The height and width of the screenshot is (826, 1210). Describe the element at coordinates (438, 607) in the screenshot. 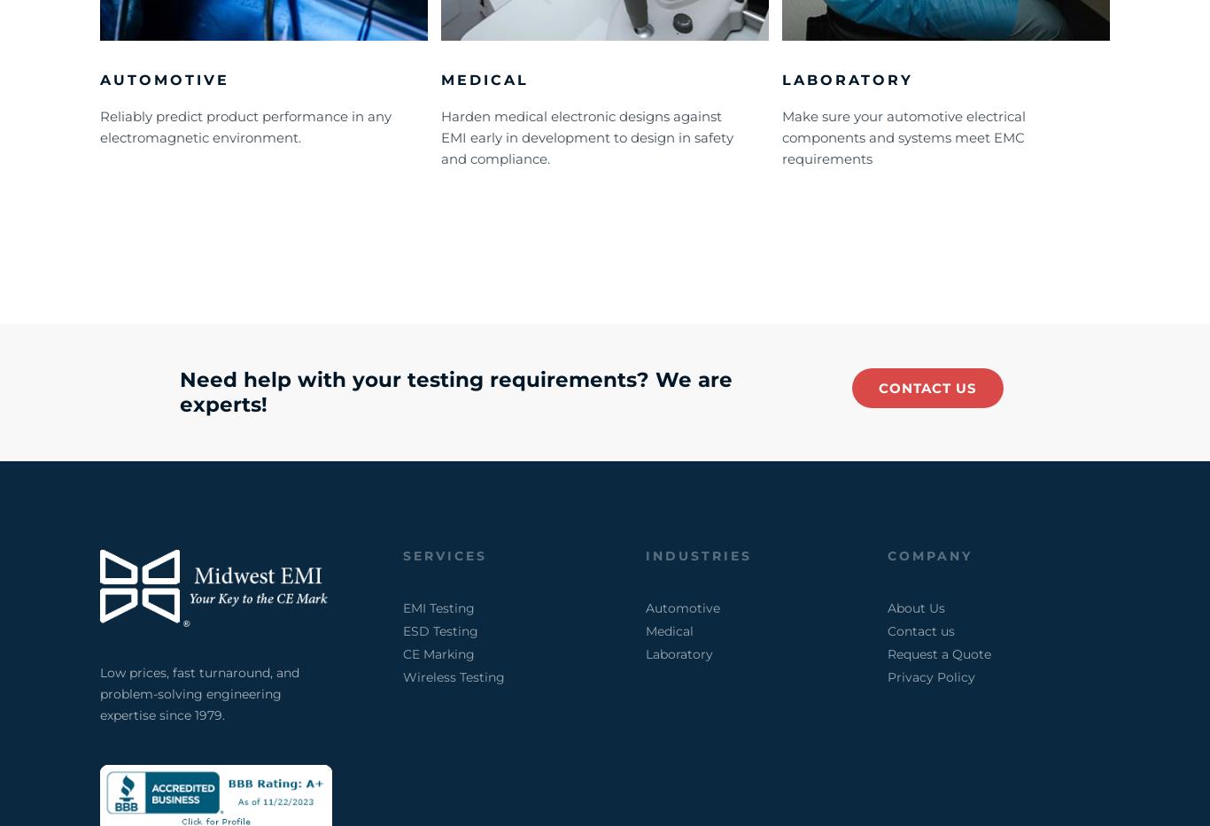

I see `'EMI Testing'` at that location.